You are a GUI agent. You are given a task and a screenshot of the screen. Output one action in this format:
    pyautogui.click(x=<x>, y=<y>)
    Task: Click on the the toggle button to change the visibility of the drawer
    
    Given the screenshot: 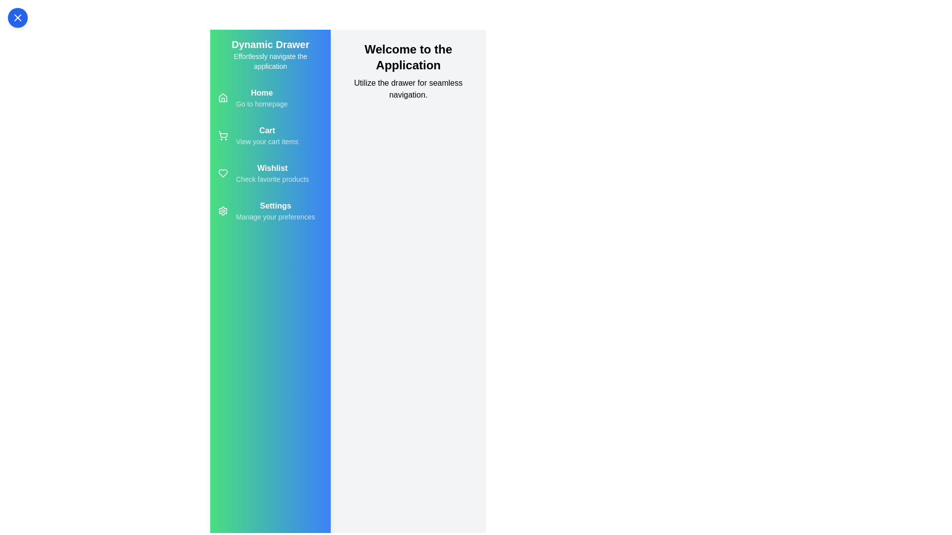 What is the action you would take?
    pyautogui.click(x=17, y=17)
    